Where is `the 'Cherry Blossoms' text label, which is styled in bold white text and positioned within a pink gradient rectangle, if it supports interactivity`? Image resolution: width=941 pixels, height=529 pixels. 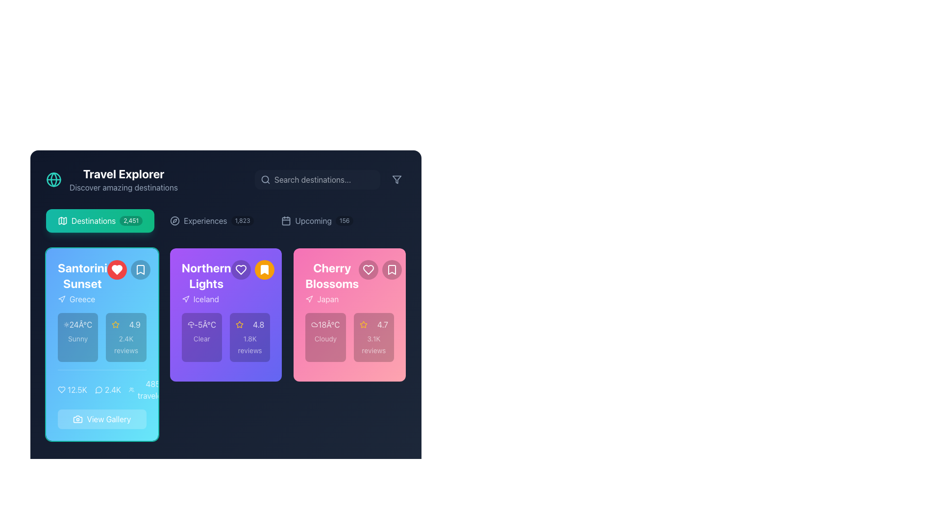 the 'Cherry Blossoms' text label, which is styled in bold white text and positioned within a pink gradient rectangle, if it supports interactivity is located at coordinates (349, 283).